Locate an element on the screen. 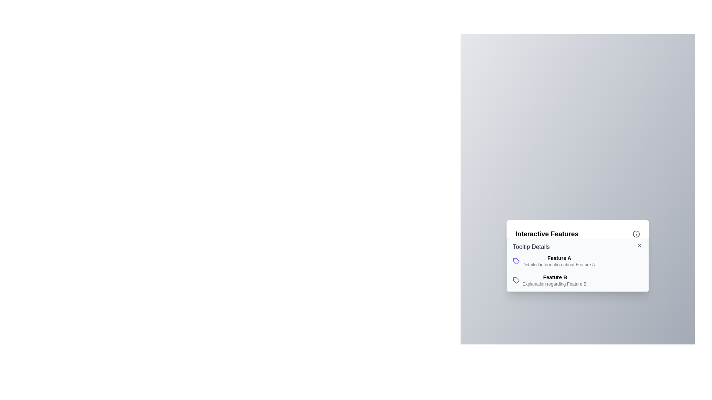 The height and width of the screenshot is (400, 712). the informational icon located on the right side of the title 'Interactive Features' in the top-right corner of the main panel for accessibility purposes is located at coordinates (636, 234).